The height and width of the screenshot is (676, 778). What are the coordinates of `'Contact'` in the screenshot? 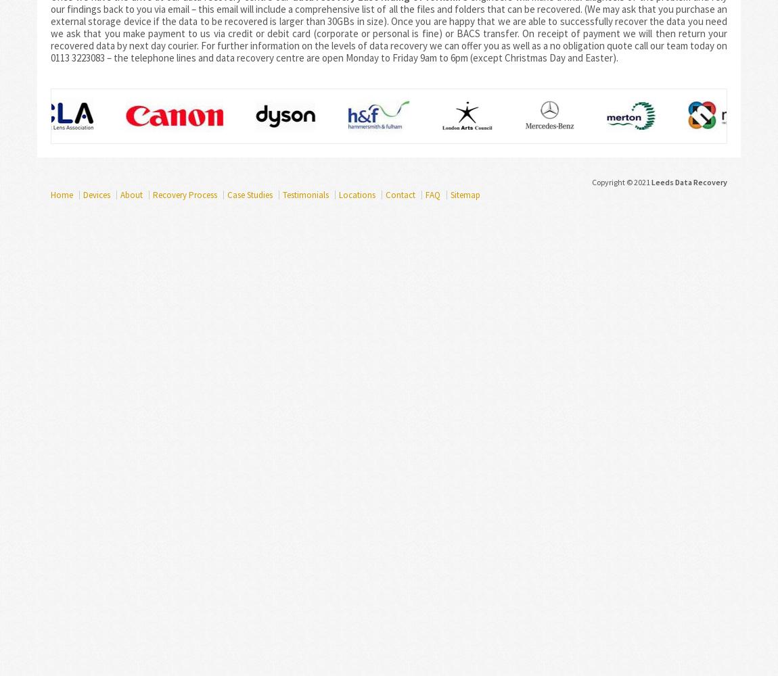 It's located at (386, 195).